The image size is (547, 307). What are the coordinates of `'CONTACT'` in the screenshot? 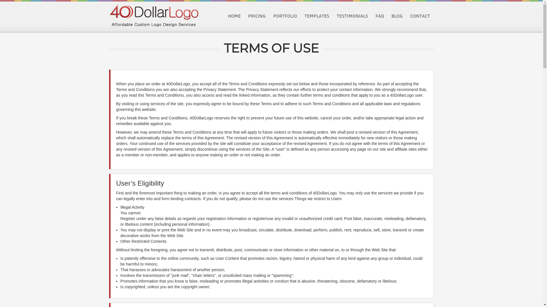 It's located at (420, 16).